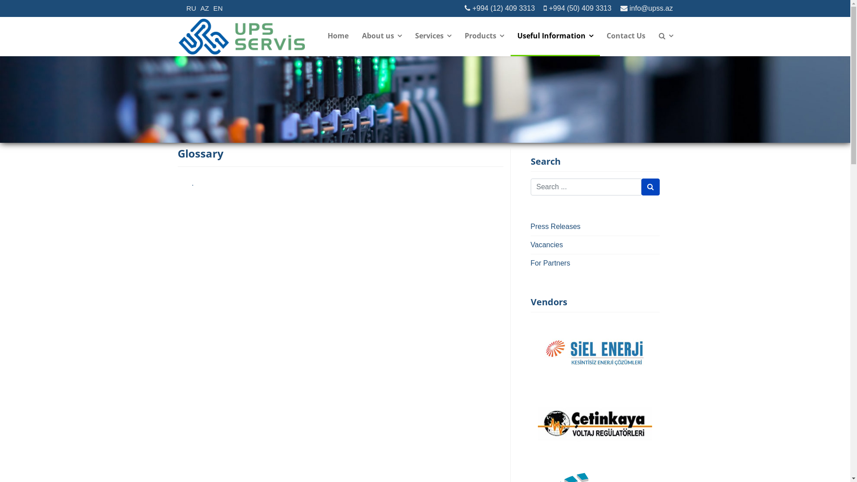 This screenshot has width=857, height=482. I want to click on 'Home', so click(337, 36).